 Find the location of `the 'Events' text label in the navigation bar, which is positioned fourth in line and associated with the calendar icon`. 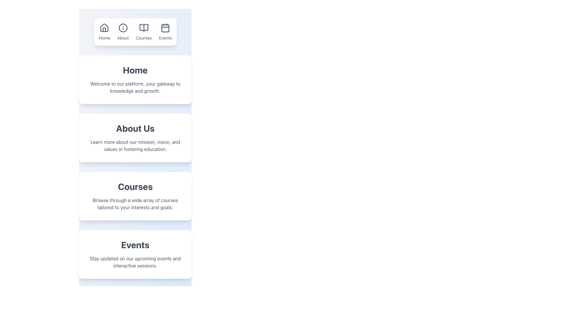

the 'Events' text label in the navigation bar, which is positioned fourth in line and associated with the calendar icon is located at coordinates (165, 38).